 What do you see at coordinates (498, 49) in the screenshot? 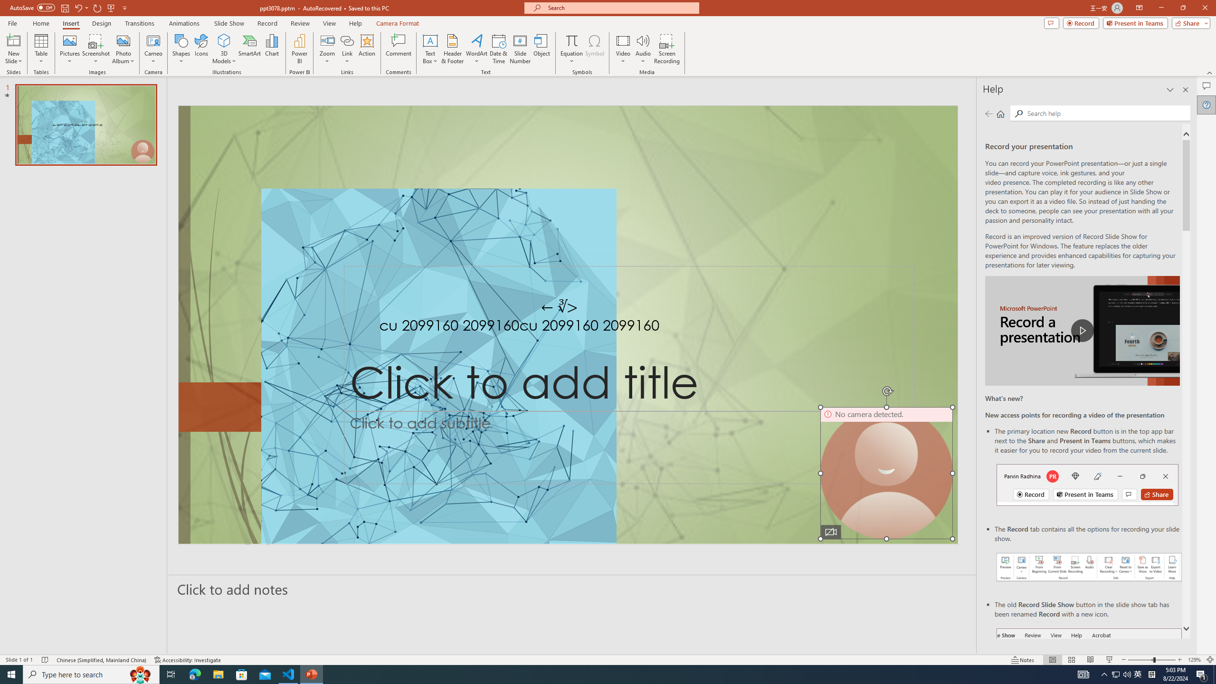
I see `'Date & Time...'` at bounding box center [498, 49].